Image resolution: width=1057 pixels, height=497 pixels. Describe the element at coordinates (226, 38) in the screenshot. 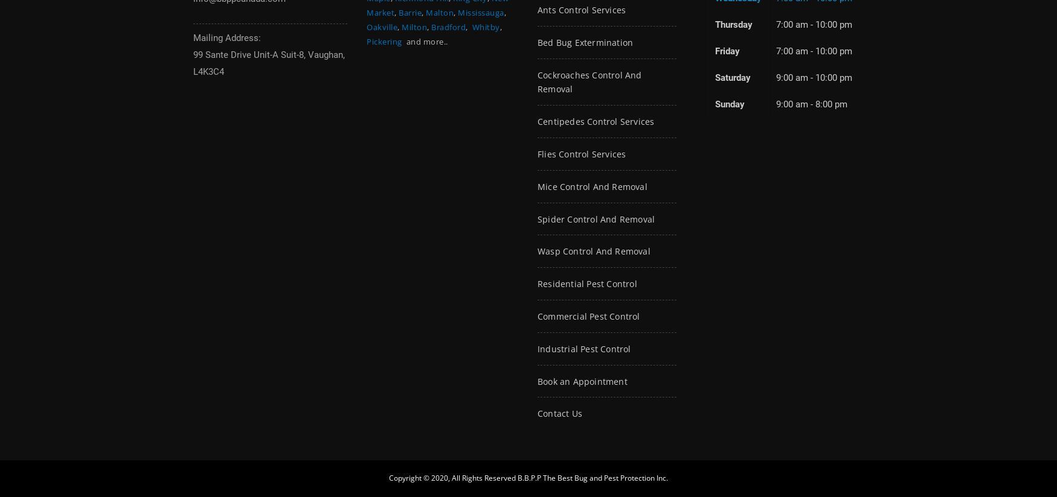

I see `'Mailing Address:'` at that location.